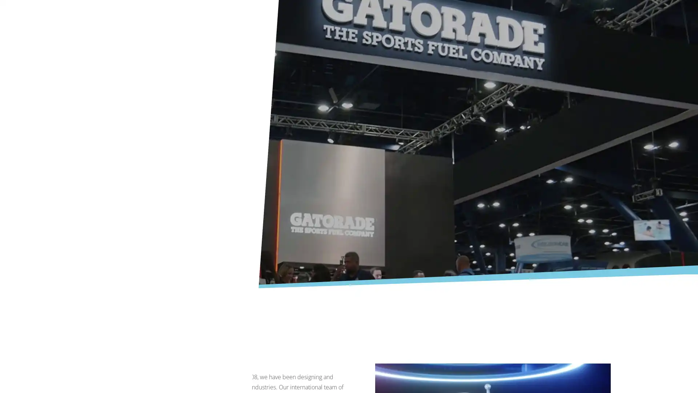 This screenshot has width=698, height=393. I want to click on Deny, so click(478, 377).